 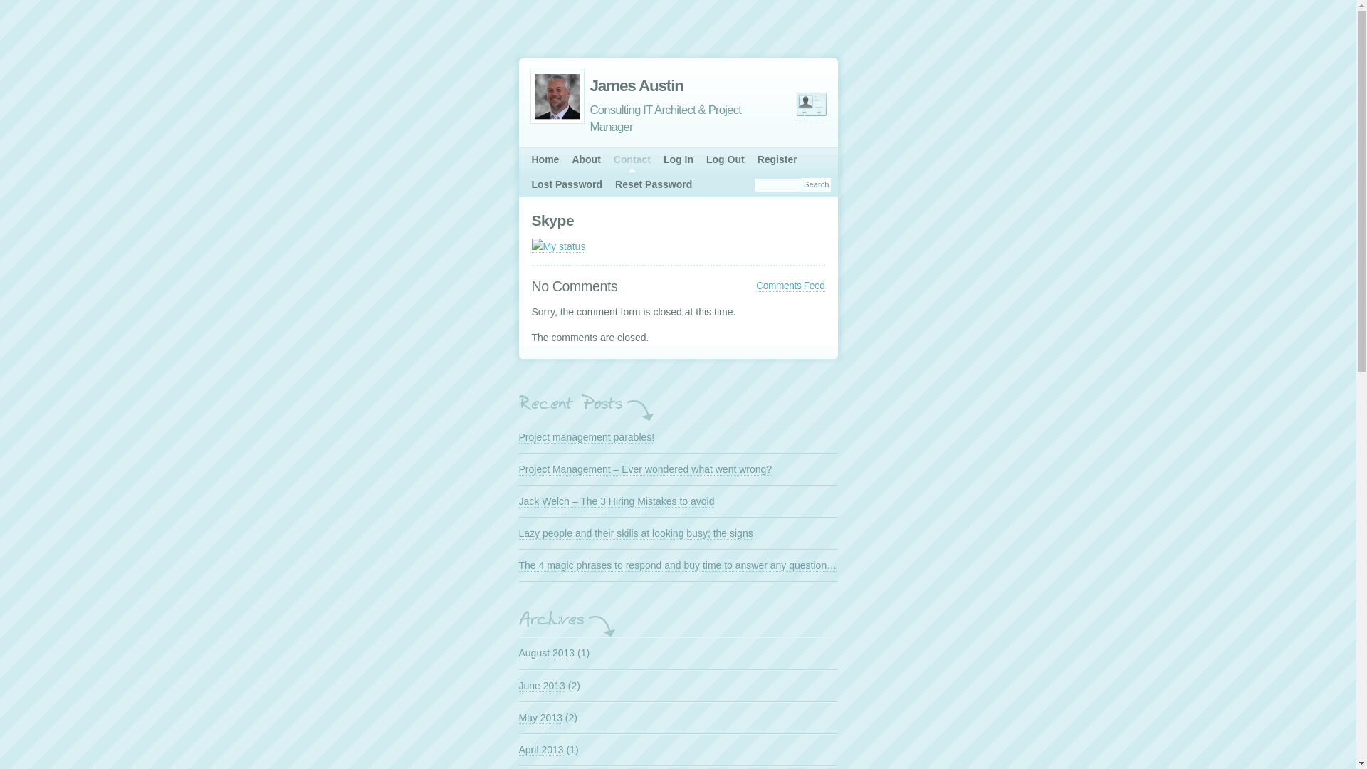 What do you see at coordinates (540, 749) in the screenshot?
I see `'April 2013'` at bounding box center [540, 749].